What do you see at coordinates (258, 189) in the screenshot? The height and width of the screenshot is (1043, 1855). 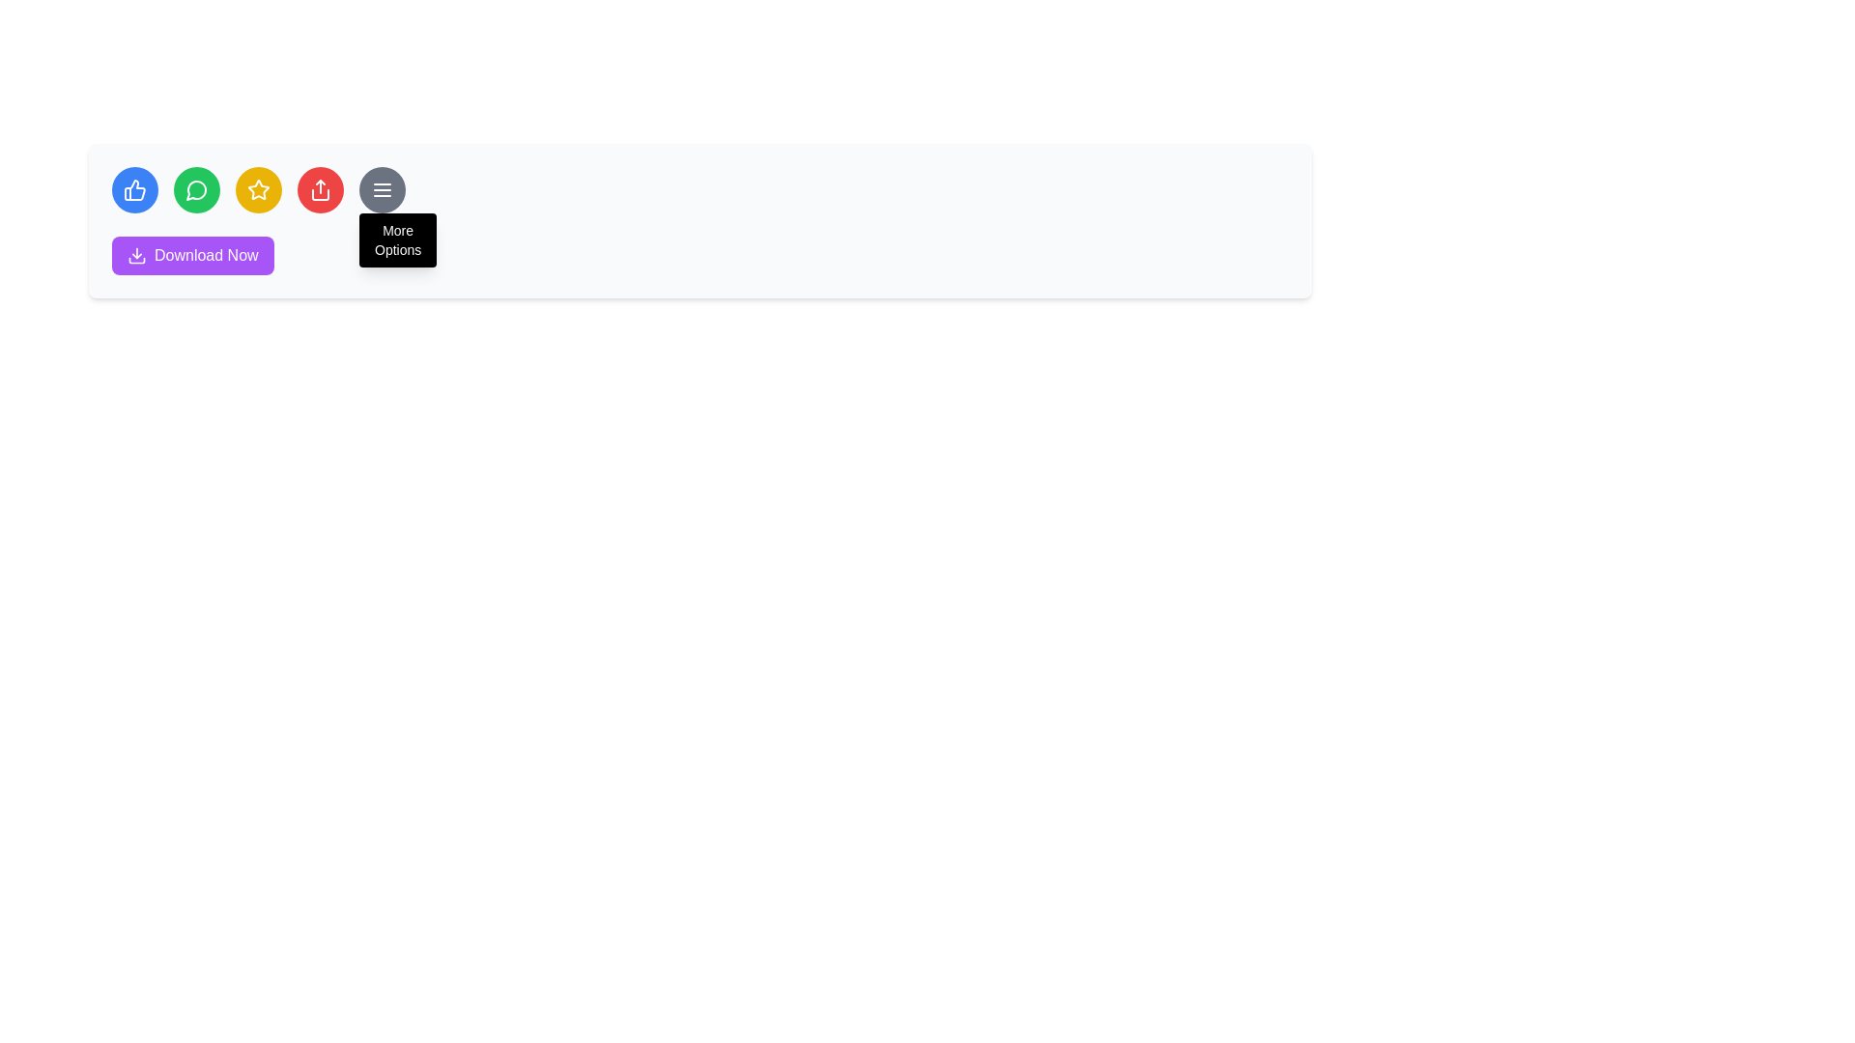 I see `the yellow star-shaped icon button located at the center-top area of the interface` at bounding box center [258, 189].